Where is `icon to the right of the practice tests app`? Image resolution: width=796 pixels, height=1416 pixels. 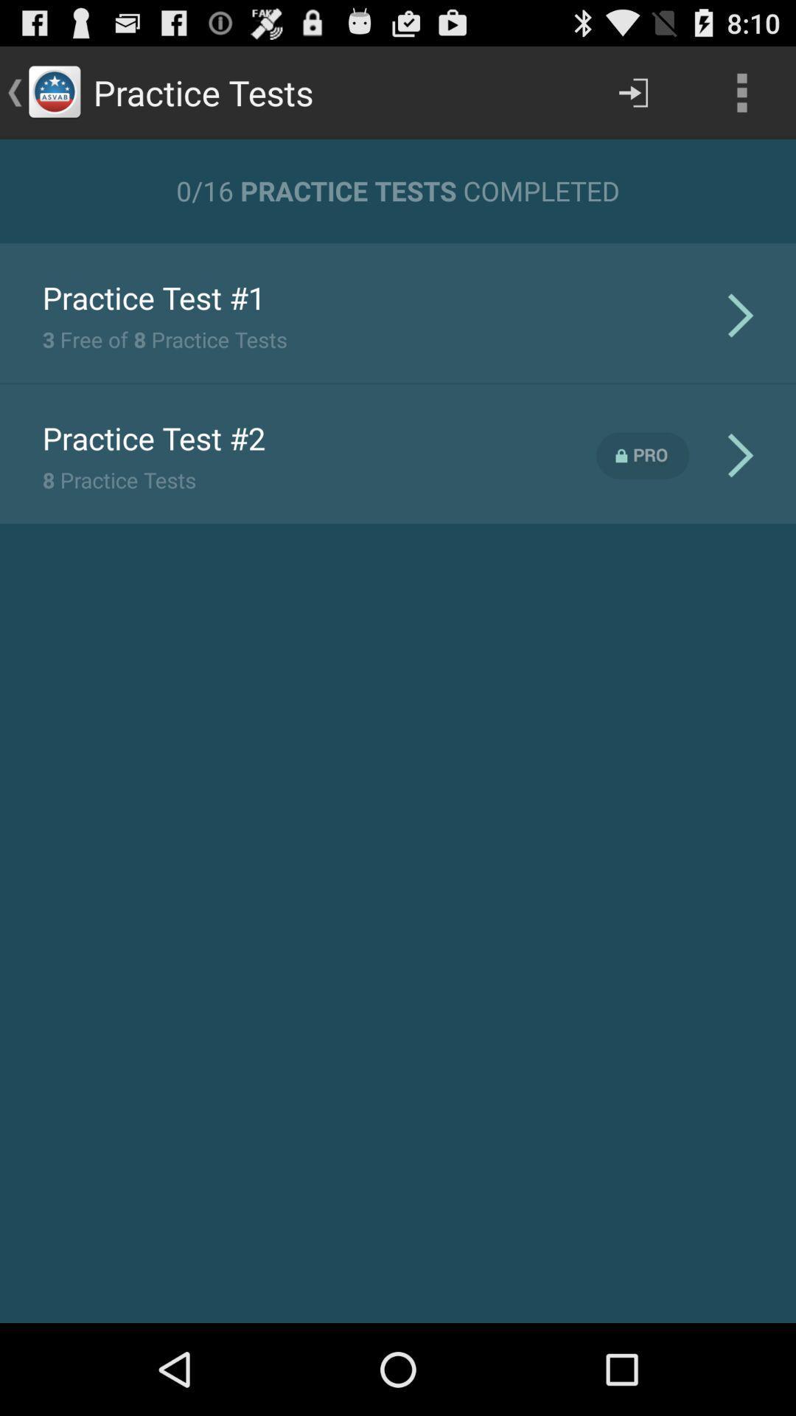
icon to the right of the practice tests app is located at coordinates (632, 91).